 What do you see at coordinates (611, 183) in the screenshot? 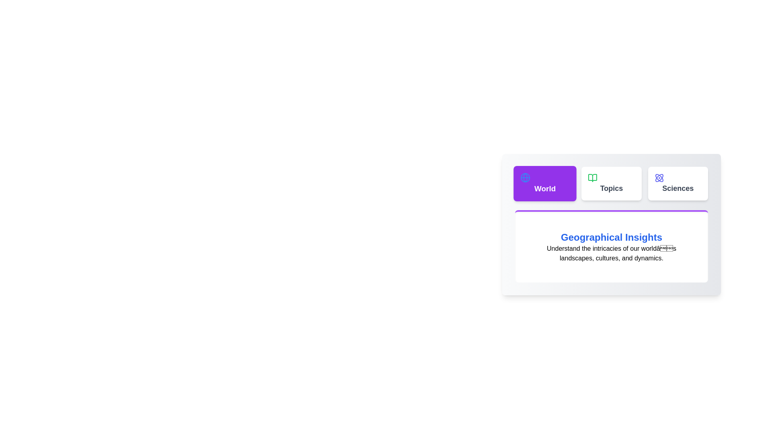
I see `the tab labeled Topics to preview its interaction` at bounding box center [611, 183].